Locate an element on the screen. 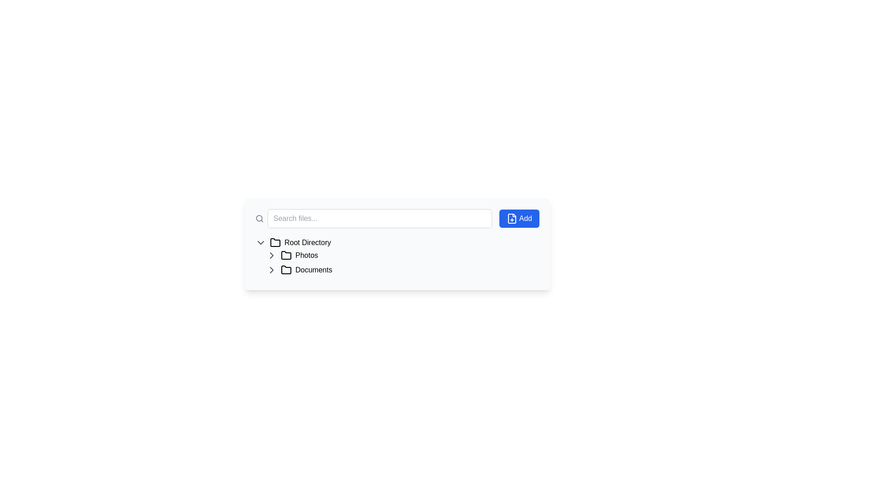 Image resolution: width=874 pixels, height=492 pixels. on the 'Photos' text label, which is styled in a standard sans-serif font and positioned adjacent is located at coordinates (306, 255).